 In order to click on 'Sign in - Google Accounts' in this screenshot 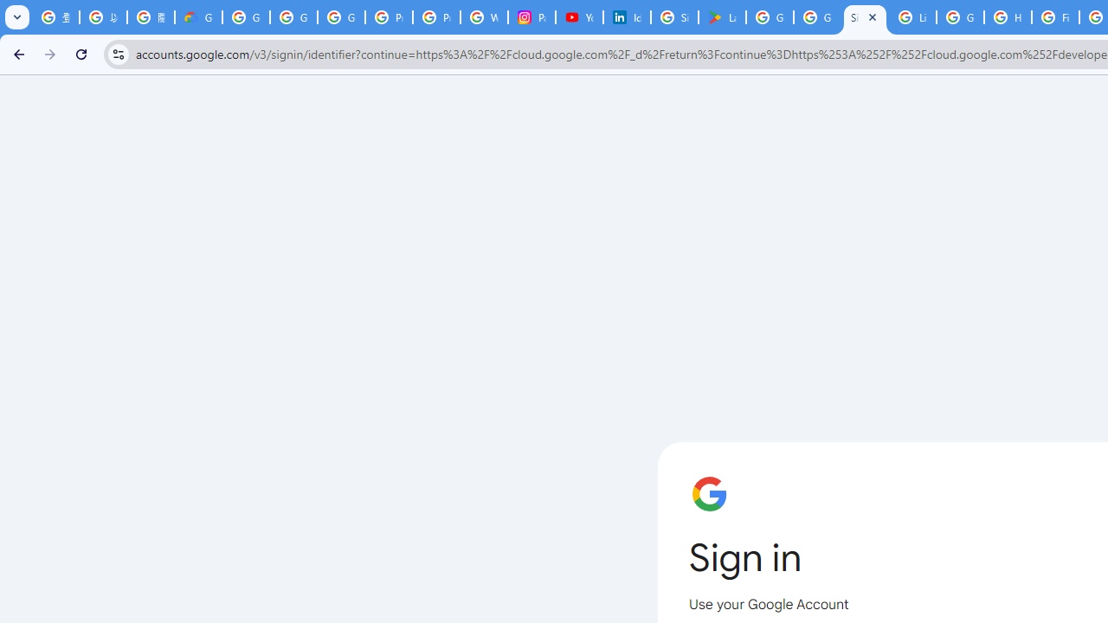, I will do `click(865, 17)`.